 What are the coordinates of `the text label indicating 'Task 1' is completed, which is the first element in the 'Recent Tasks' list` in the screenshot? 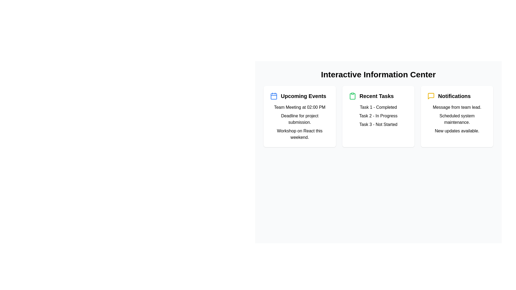 It's located at (378, 107).